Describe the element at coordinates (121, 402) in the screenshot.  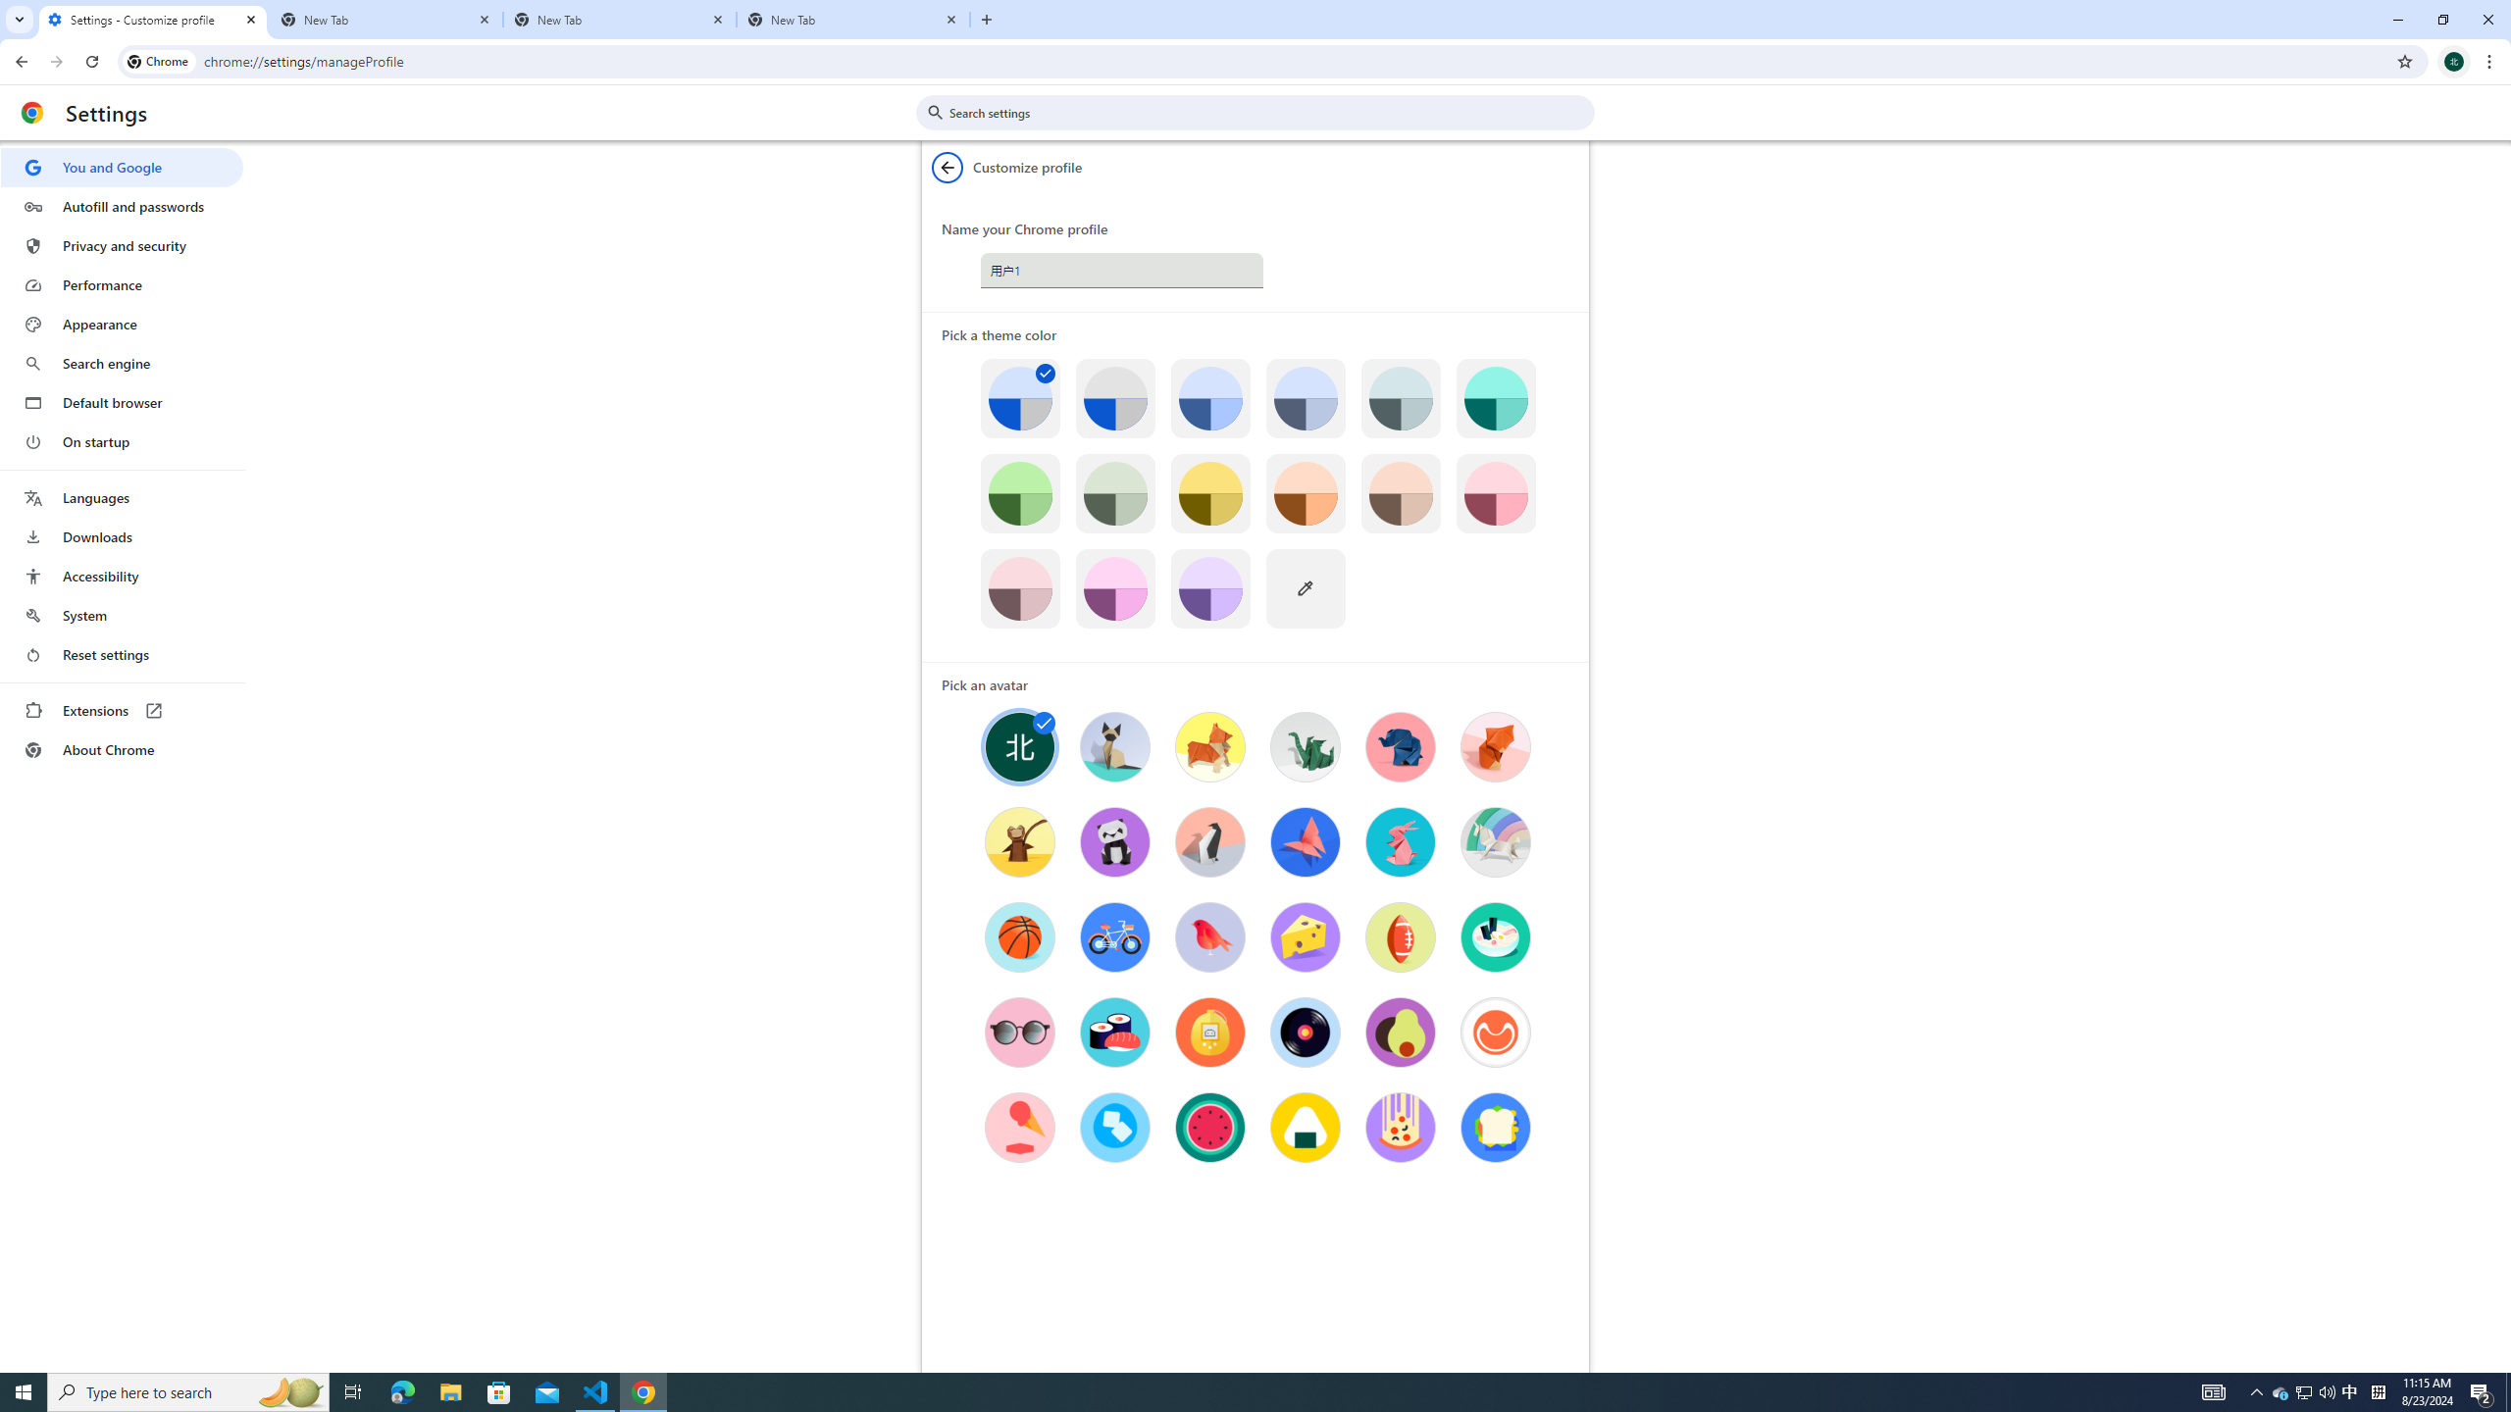
I see `'Default browser'` at that location.